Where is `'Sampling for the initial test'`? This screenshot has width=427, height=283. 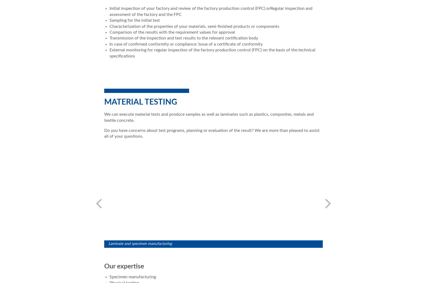
'Sampling for the initial test' is located at coordinates (109, 20).